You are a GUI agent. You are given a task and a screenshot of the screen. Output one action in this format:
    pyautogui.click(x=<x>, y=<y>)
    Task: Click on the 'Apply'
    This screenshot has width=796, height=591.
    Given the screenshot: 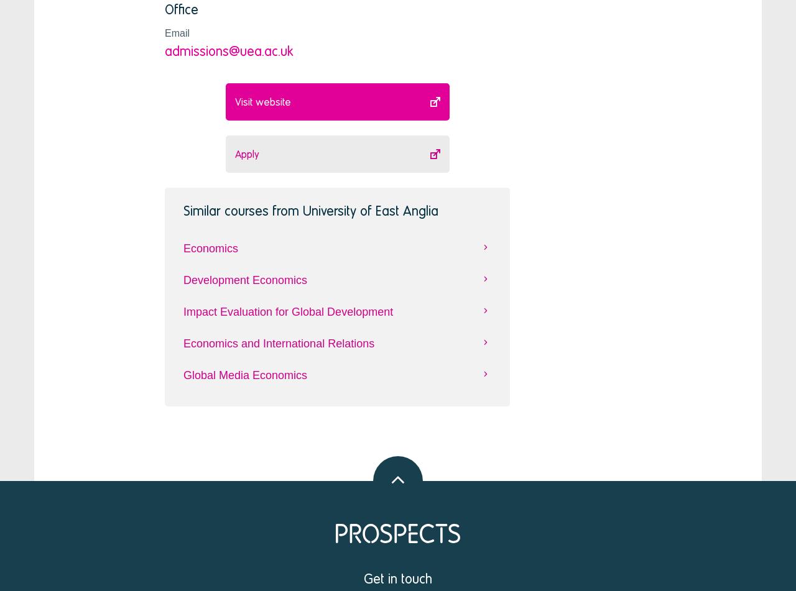 What is the action you would take?
    pyautogui.click(x=246, y=153)
    